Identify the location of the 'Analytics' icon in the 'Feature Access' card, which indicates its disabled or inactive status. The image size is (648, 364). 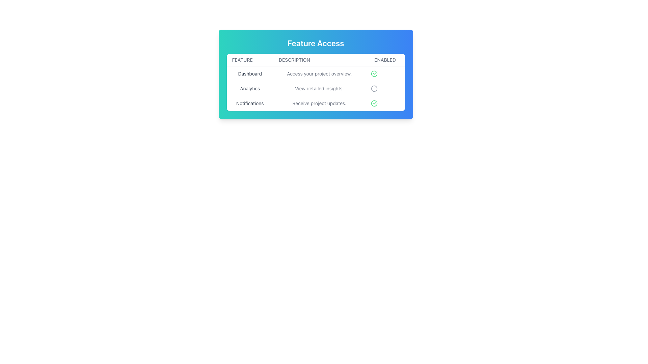
(374, 88).